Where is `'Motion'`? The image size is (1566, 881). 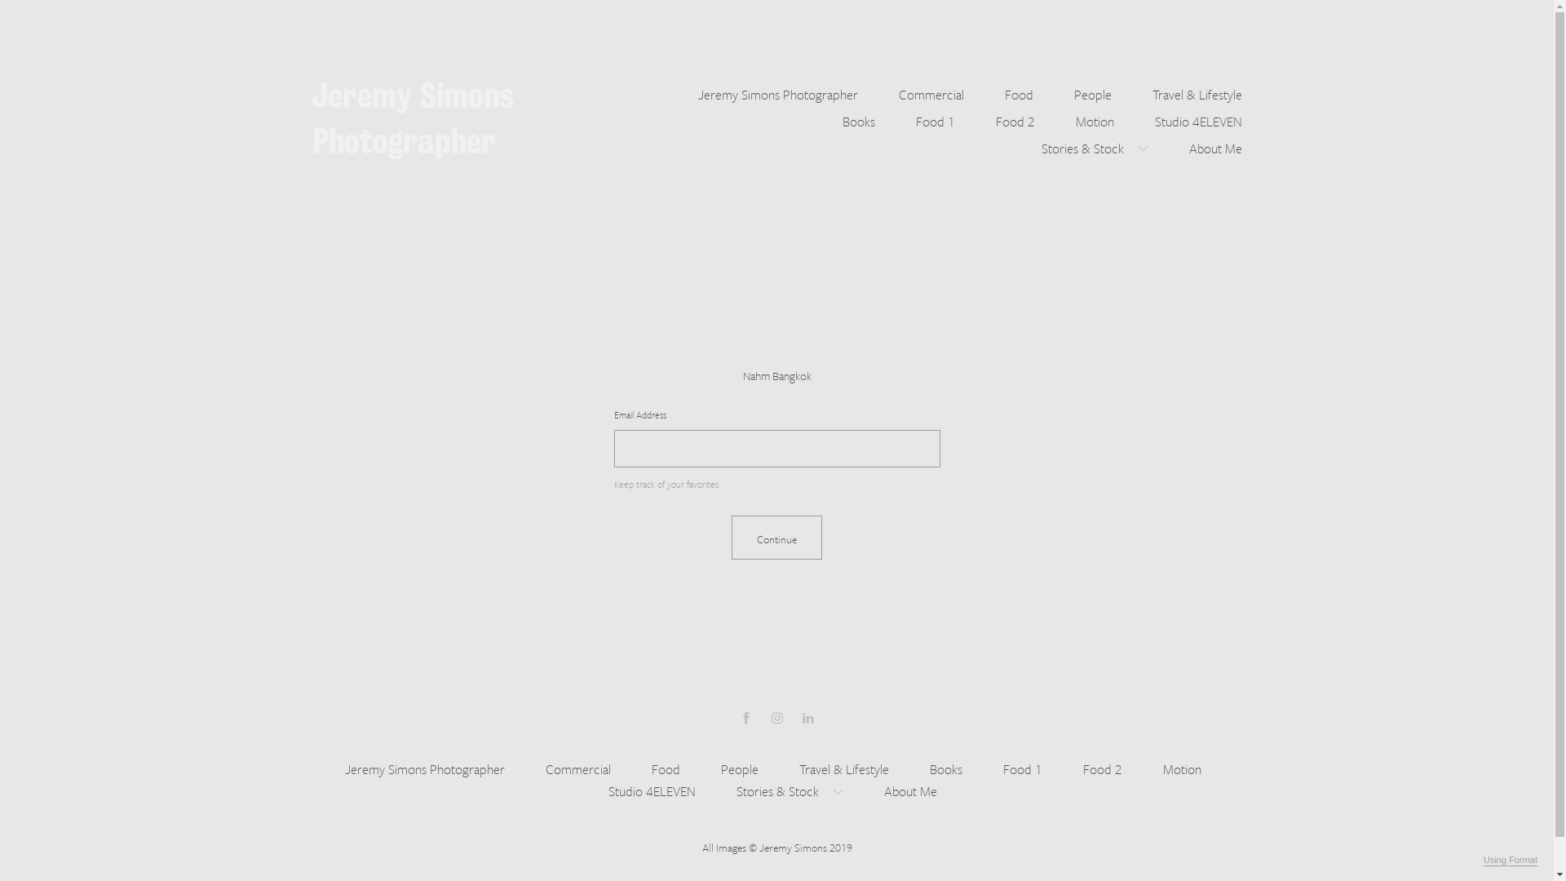
'Motion' is located at coordinates (1182, 767).